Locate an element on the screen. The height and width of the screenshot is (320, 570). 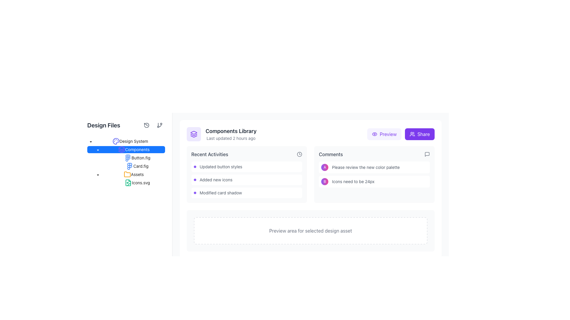
the circular avatar component with a gradient background transitioning from violet to pink, which contains a white letter 'A' in the center is located at coordinates (324, 167).